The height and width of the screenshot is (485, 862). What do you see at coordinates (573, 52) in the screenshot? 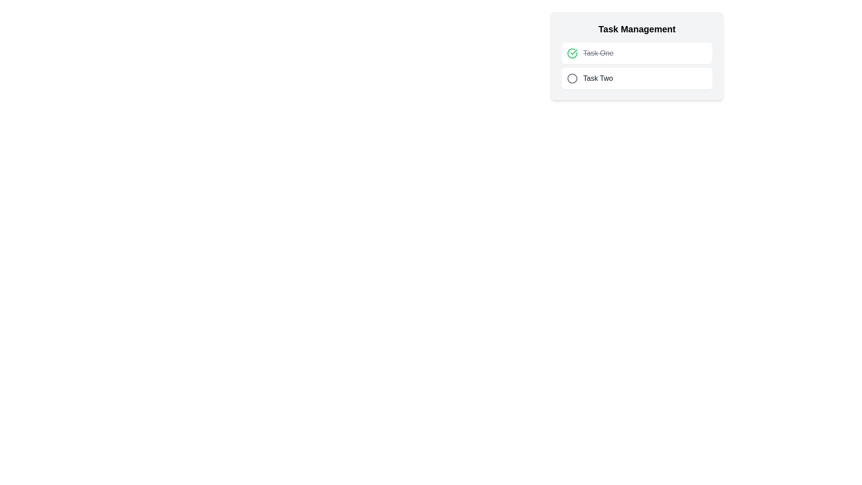
I see `green checkmark icon representing a completed task next to 'Task One' in the 'Task Management' panel` at bounding box center [573, 52].